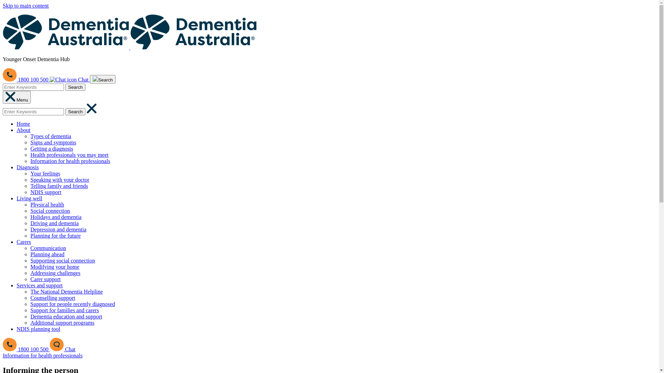 This screenshot has height=373, width=664. I want to click on 'Carer support', so click(45, 279).